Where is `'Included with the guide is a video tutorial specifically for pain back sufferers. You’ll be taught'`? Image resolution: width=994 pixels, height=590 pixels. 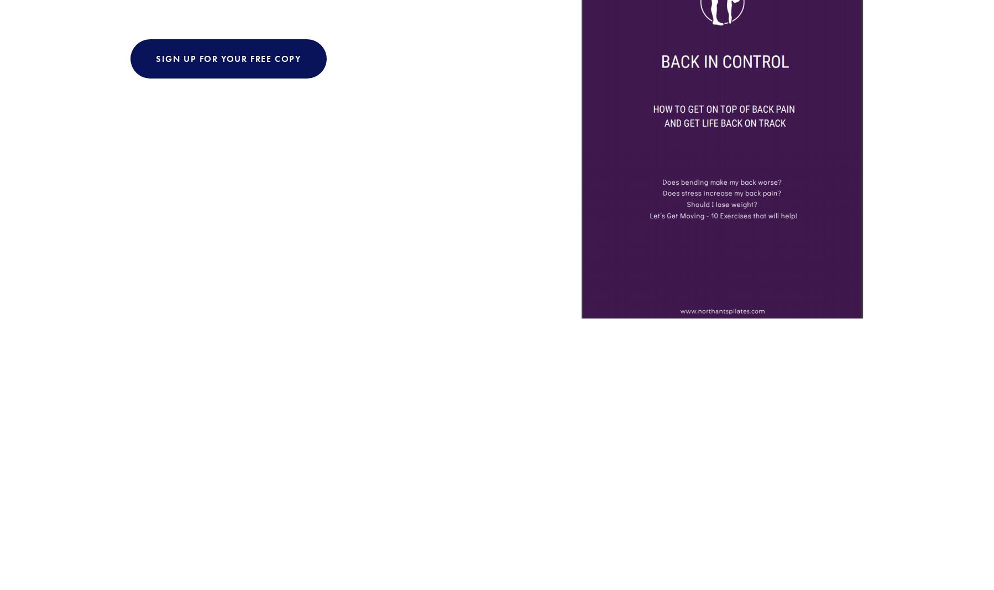 'Included with the guide is a video tutorial specifically for pain back sufferers. You’ll be taught' is located at coordinates (335, 270).